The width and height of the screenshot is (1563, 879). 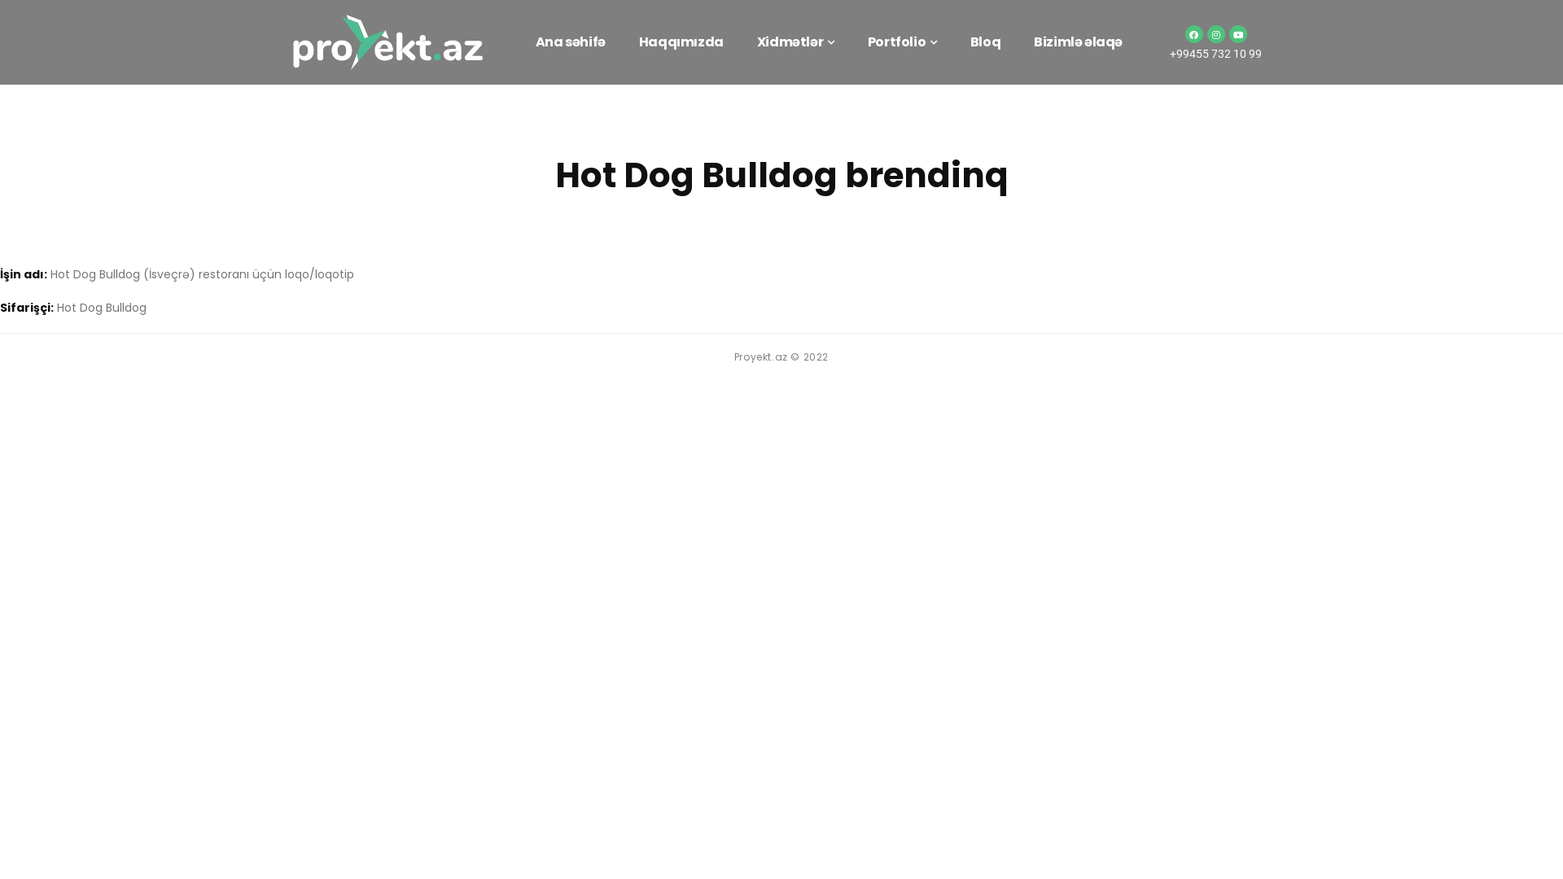 I want to click on 'Bloq', so click(x=984, y=41).